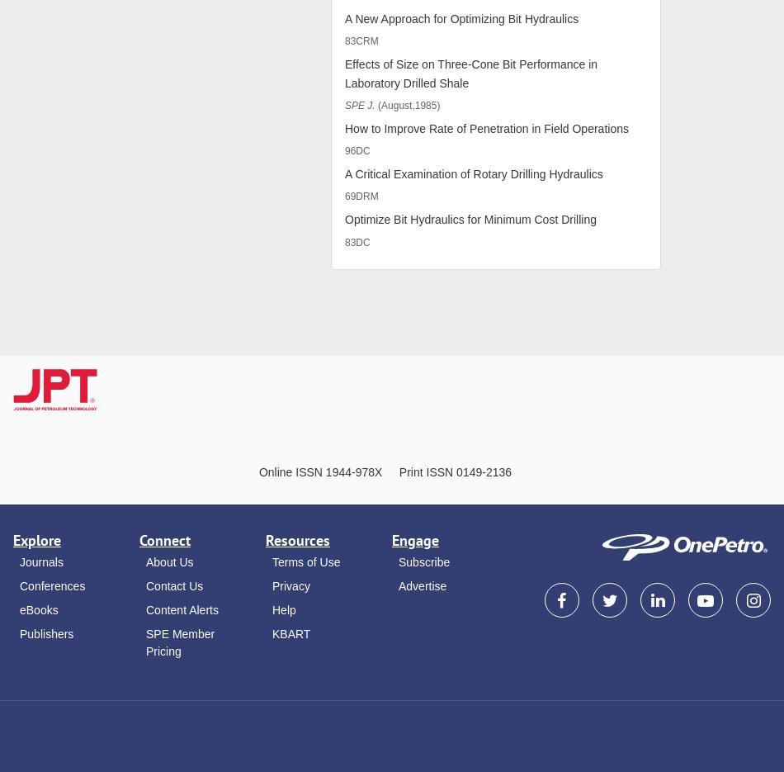  What do you see at coordinates (182, 609) in the screenshot?
I see `'Content Alerts'` at bounding box center [182, 609].